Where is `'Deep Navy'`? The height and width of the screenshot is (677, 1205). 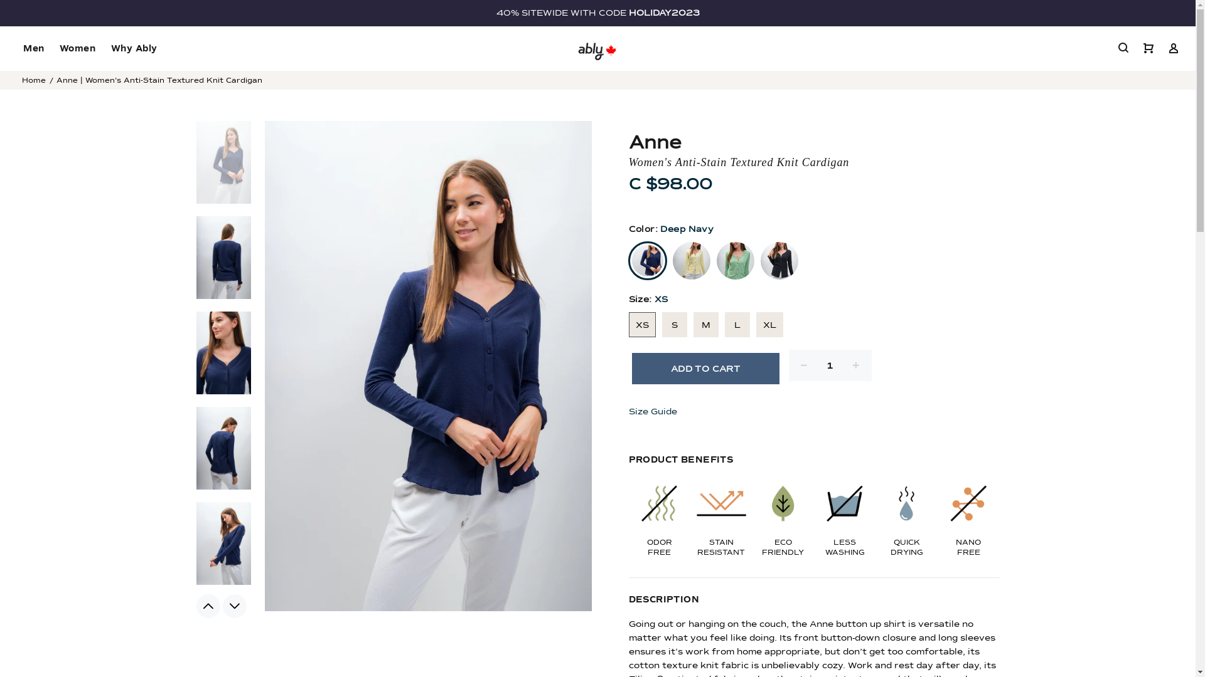 'Deep Navy' is located at coordinates (629, 260).